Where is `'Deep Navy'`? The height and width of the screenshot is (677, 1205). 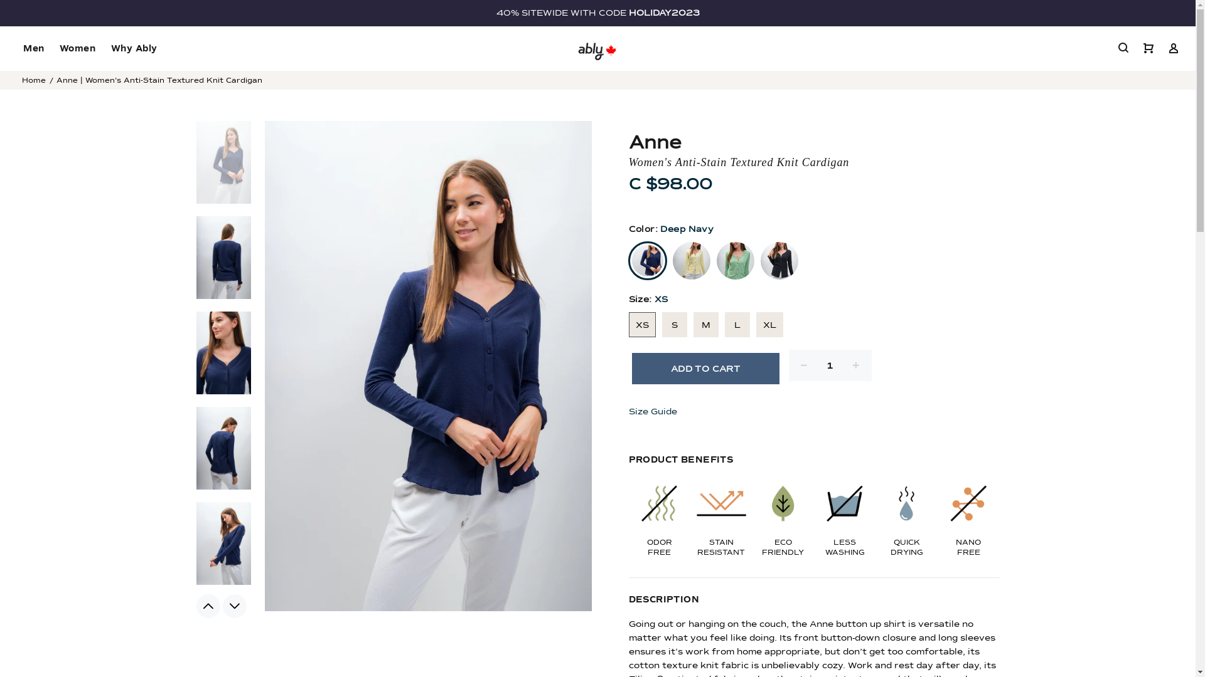 'Deep Navy' is located at coordinates (629, 260).